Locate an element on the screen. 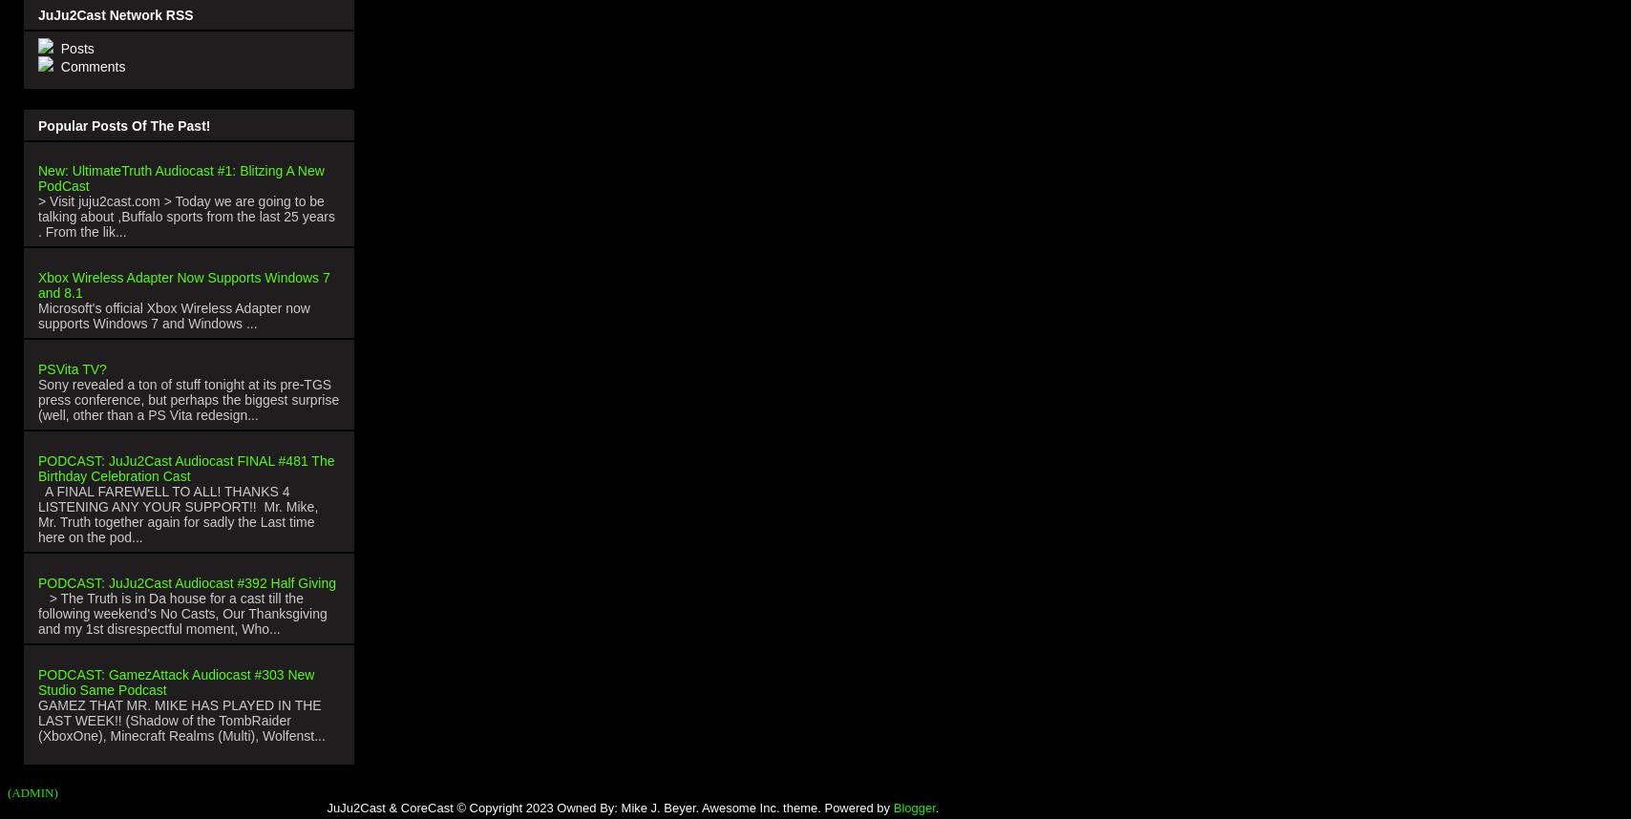  'Microsoft's official Xbox Wireless Adapter now supports Windows 7 and Windows ...' is located at coordinates (174, 313).